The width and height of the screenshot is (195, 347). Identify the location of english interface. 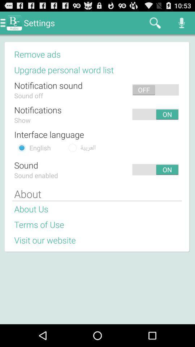
(22, 147).